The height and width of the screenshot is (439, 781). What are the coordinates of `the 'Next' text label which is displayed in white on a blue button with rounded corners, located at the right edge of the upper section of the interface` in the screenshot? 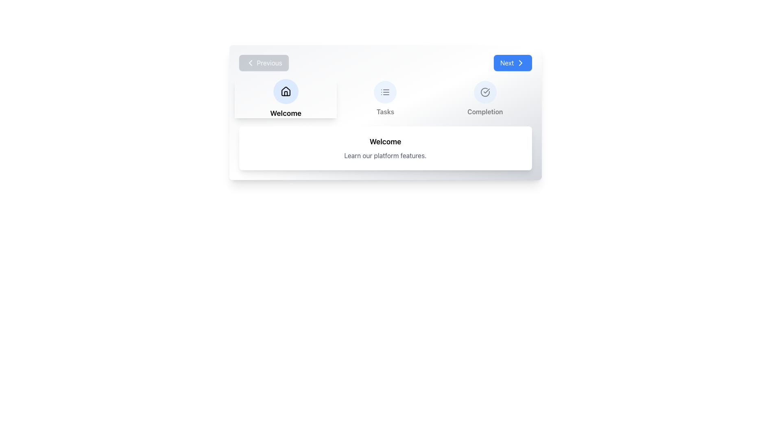 It's located at (506, 62).